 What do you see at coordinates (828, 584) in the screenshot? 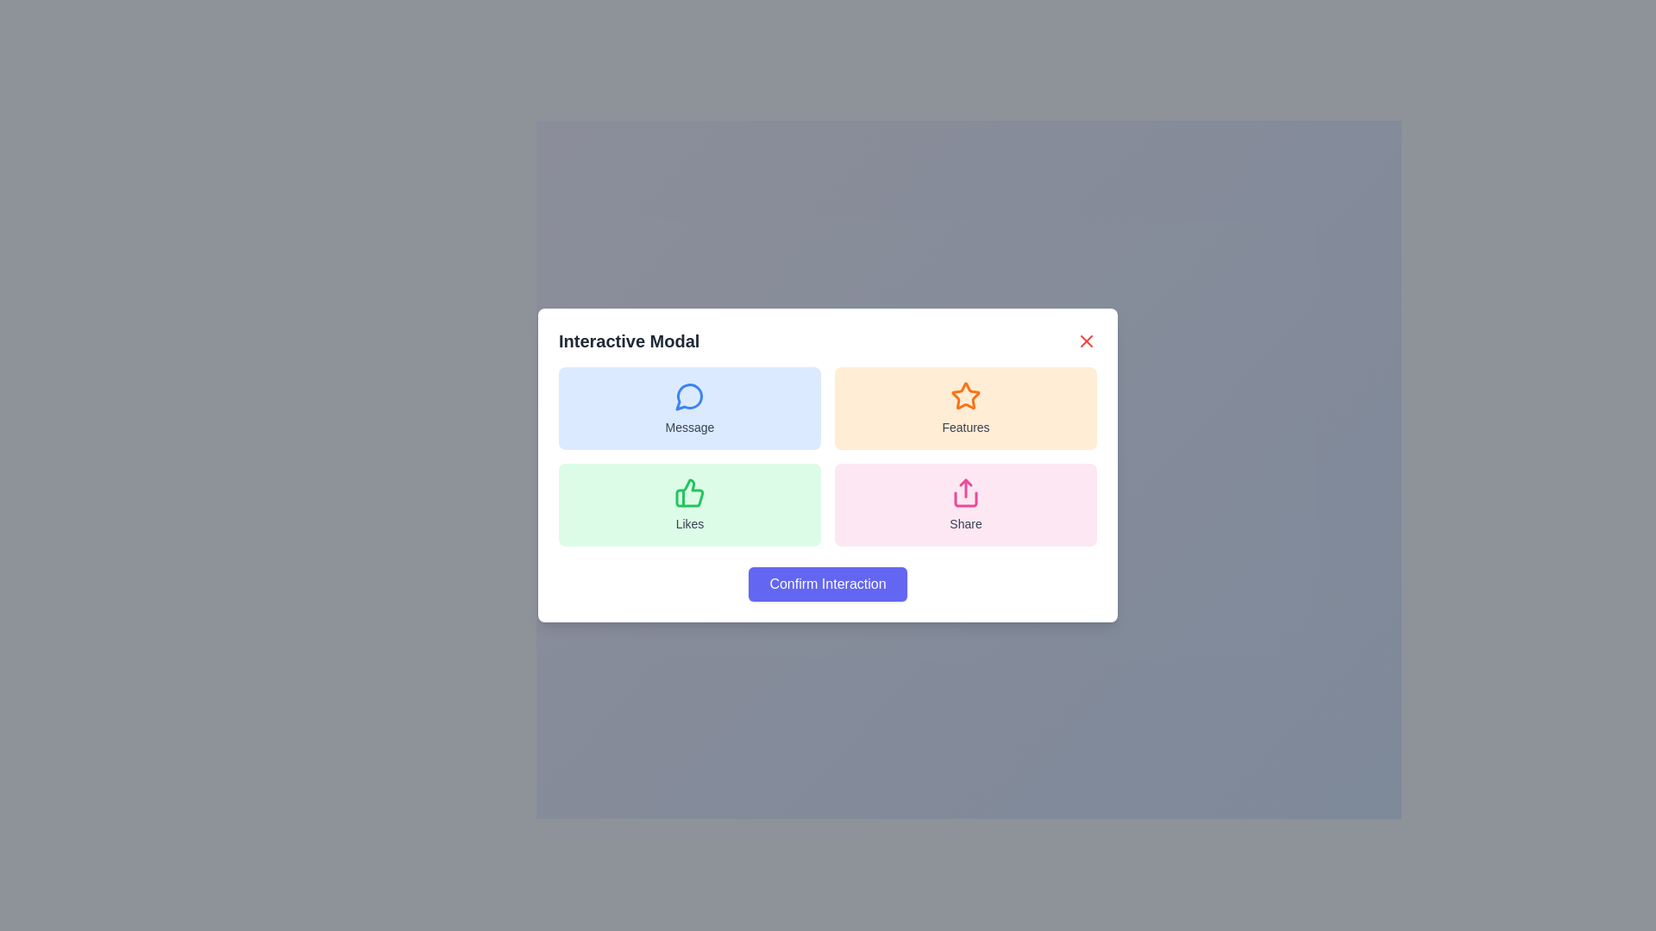
I see `the confirmation button located at the center-bottom of the modal dialog box` at bounding box center [828, 584].